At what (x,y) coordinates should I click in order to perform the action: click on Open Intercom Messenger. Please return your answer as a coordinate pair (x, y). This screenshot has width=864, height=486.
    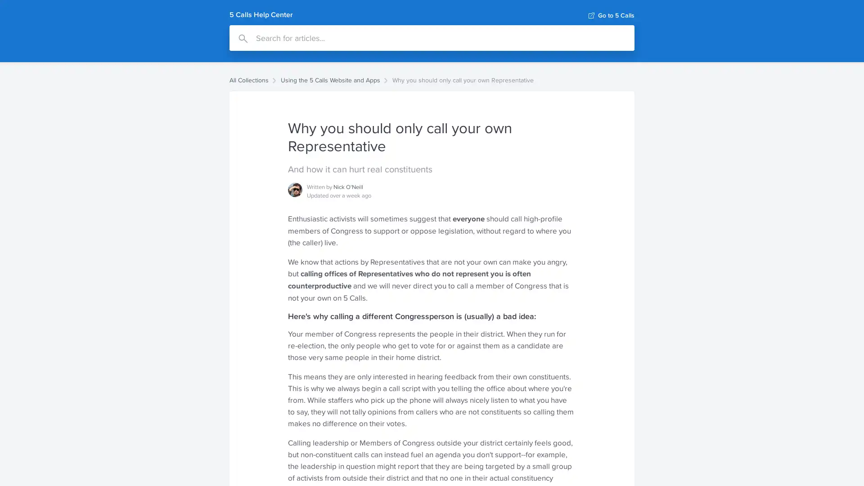
    Looking at the image, I should click on (841, 463).